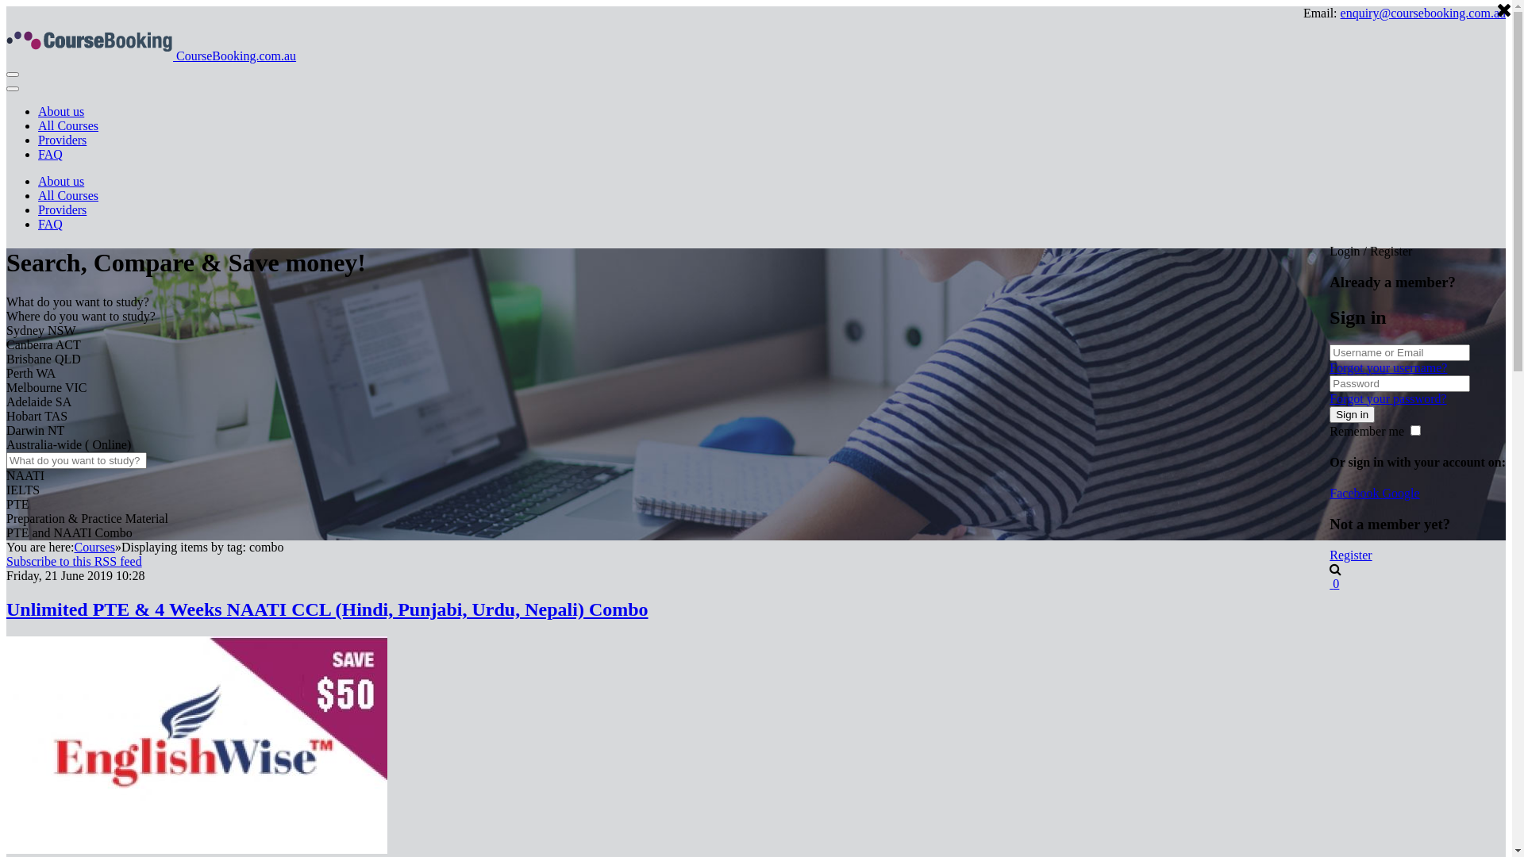 The width and height of the screenshot is (1524, 857). What do you see at coordinates (73, 560) in the screenshot?
I see `'Subscribe to this RSS feed'` at bounding box center [73, 560].